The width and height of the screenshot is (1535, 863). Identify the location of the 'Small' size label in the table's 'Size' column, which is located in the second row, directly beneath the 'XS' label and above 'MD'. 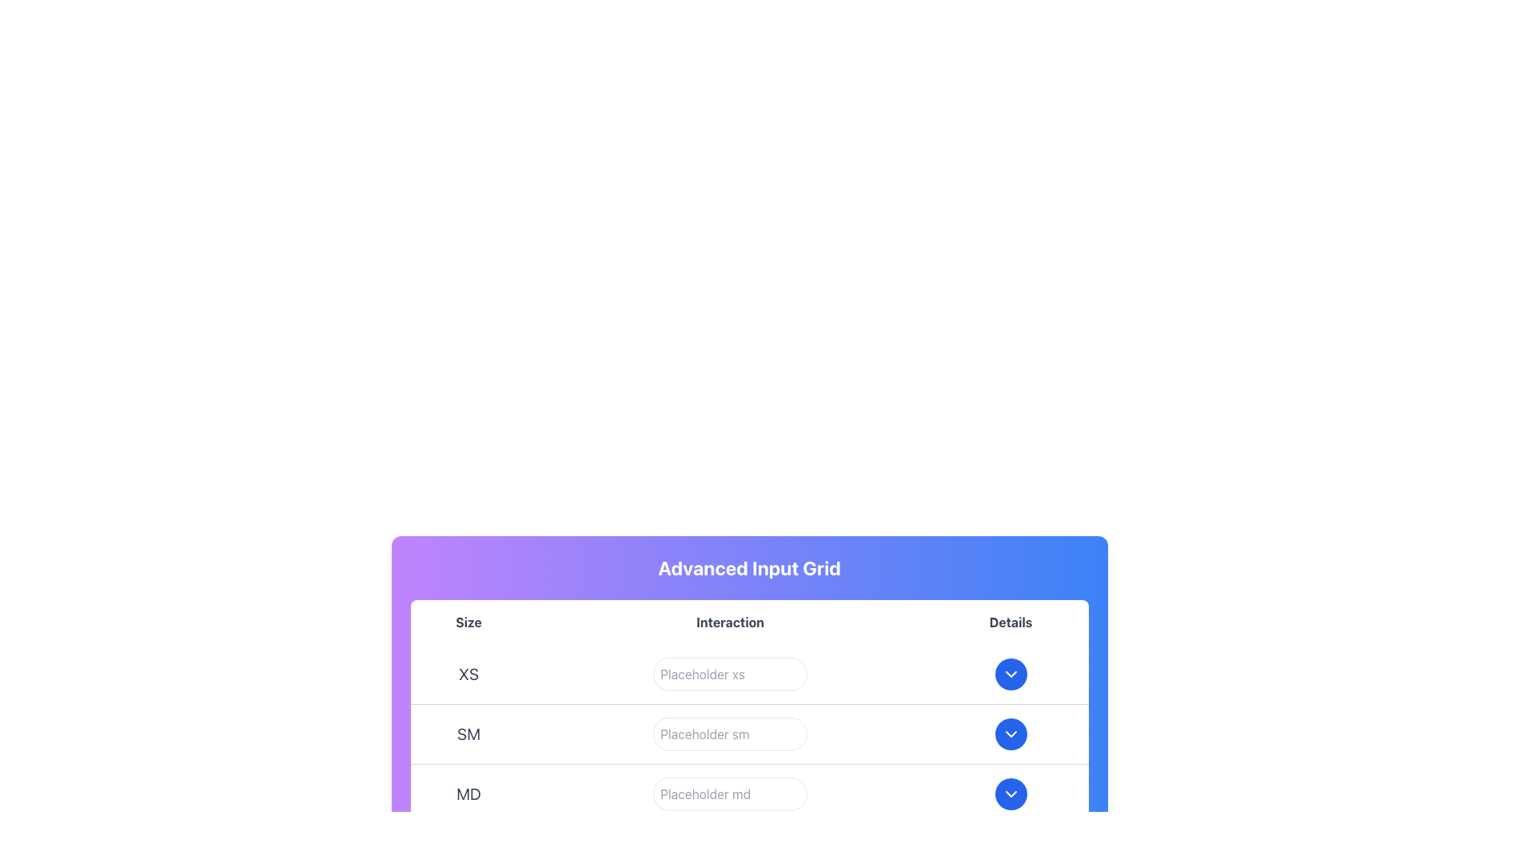
(468, 734).